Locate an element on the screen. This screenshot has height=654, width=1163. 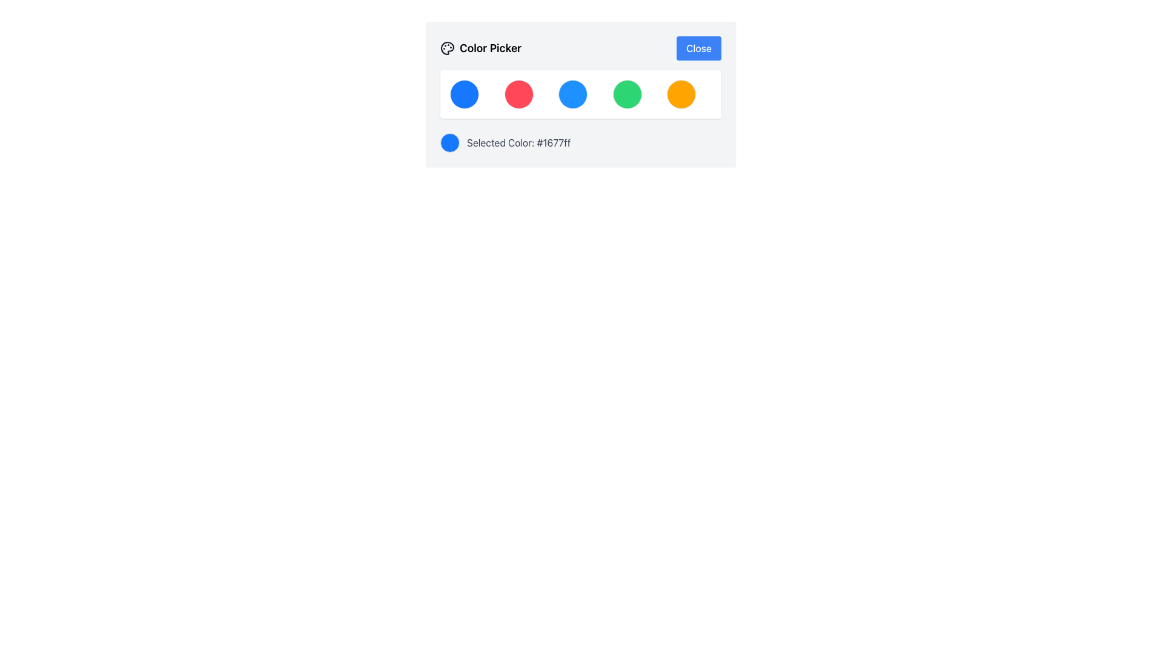
the text label that displays 'Selected Color: #1677ff', which is styled in gray and located to the right of a blue circular color indicator is located at coordinates (519, 142).